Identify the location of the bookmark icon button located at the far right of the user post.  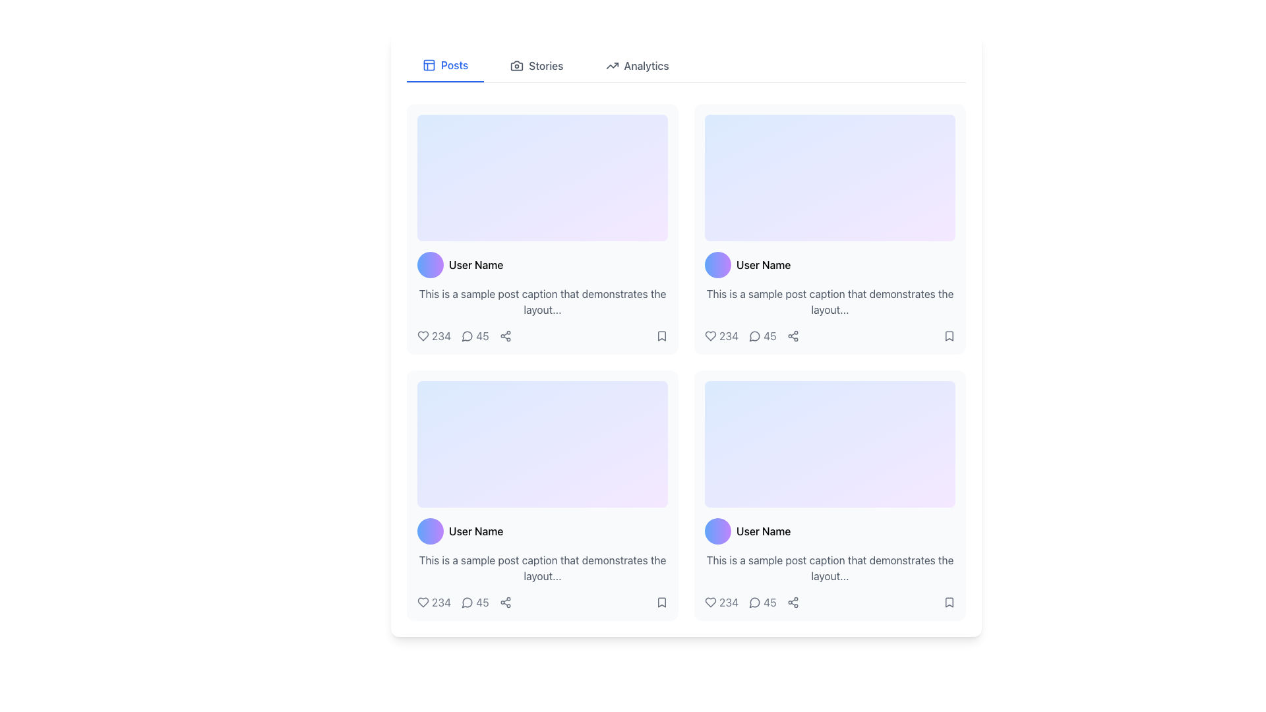
(950, 335).